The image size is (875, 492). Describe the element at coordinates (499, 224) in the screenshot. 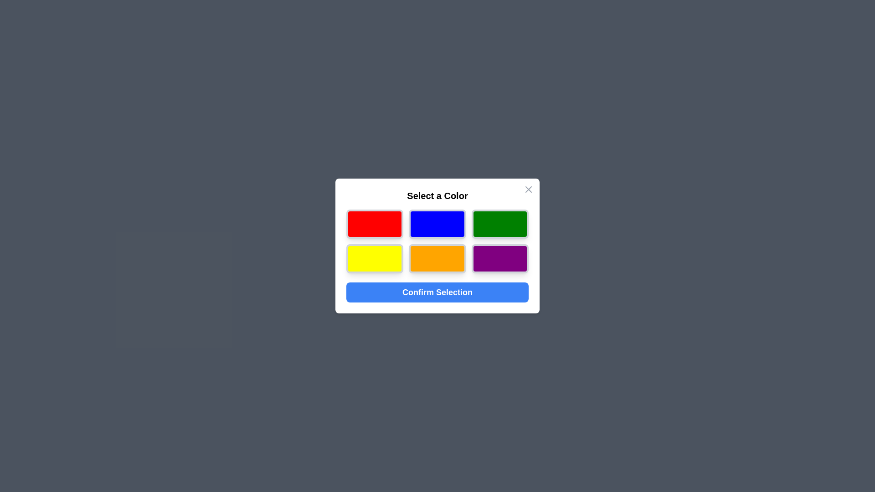

I see `the color green from the palette` at that location.